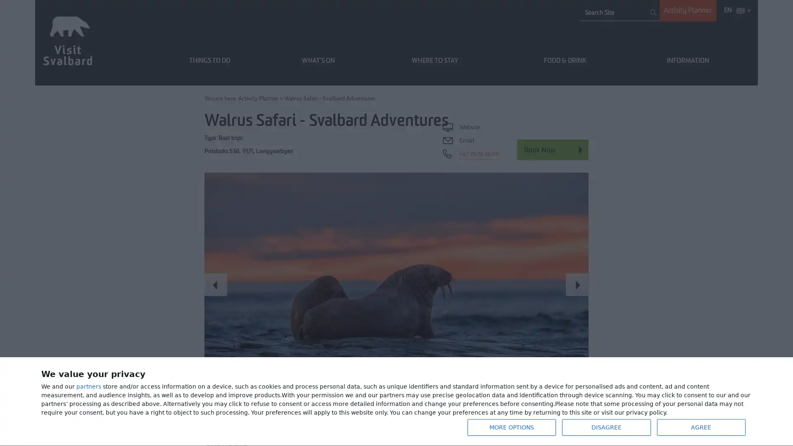  What do you see at coordinates (511, 427) in the screenshot?
I see `MORE OPTIONS` at bounding box center [511, 427].